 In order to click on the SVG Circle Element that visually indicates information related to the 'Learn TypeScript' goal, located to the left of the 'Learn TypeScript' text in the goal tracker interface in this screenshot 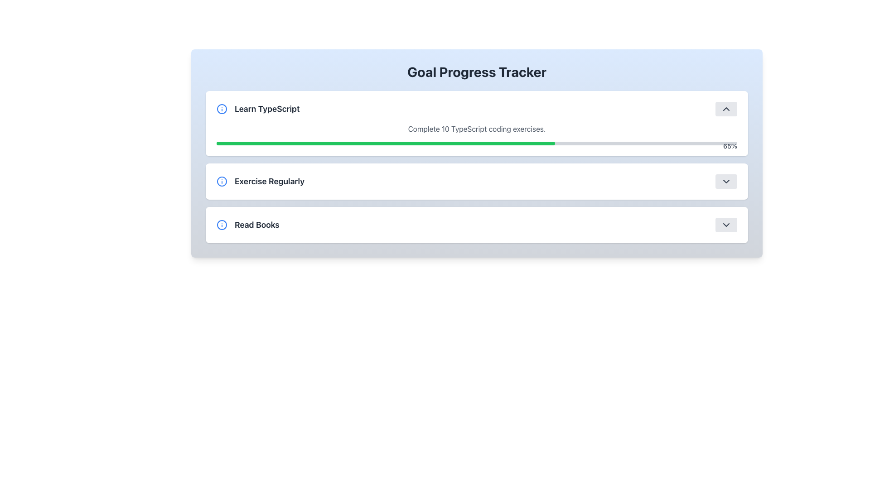, I will do `click(222, 108)`.